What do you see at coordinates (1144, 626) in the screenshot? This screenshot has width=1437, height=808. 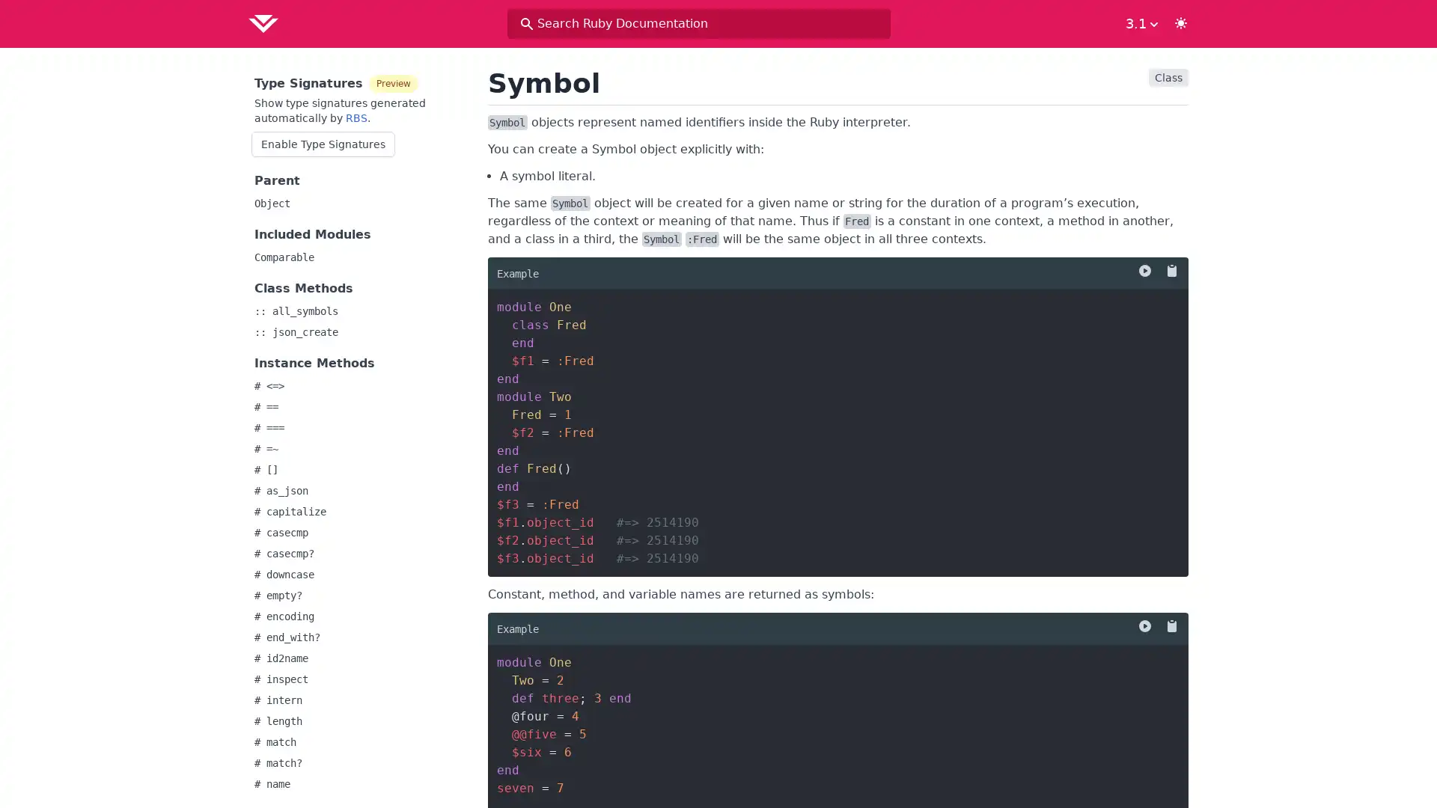 I see `Run code` at bounding box center [1144, 626].